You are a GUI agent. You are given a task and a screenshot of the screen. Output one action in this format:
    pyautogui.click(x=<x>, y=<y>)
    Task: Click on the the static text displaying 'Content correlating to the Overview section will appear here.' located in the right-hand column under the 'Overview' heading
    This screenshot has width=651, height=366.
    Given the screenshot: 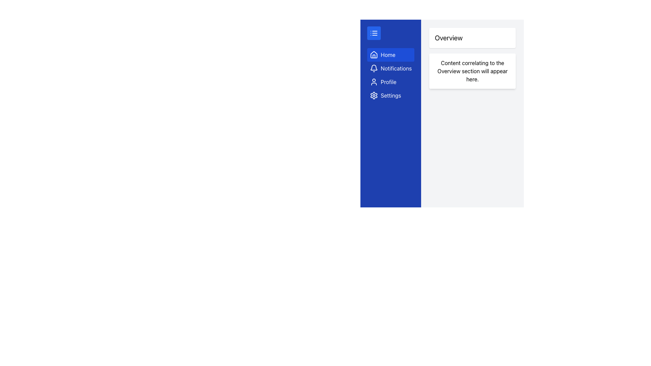 What is the action you would take?
    pyautogui.click(x=472, y=71)
    